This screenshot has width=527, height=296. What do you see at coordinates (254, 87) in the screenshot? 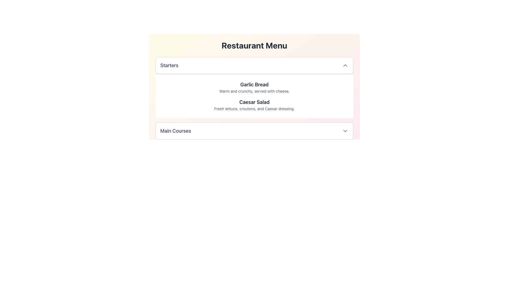
I see `the Text Block displaying 'Garlic Bread' in the Starters section of the menu` at bounding box center [254, 87].